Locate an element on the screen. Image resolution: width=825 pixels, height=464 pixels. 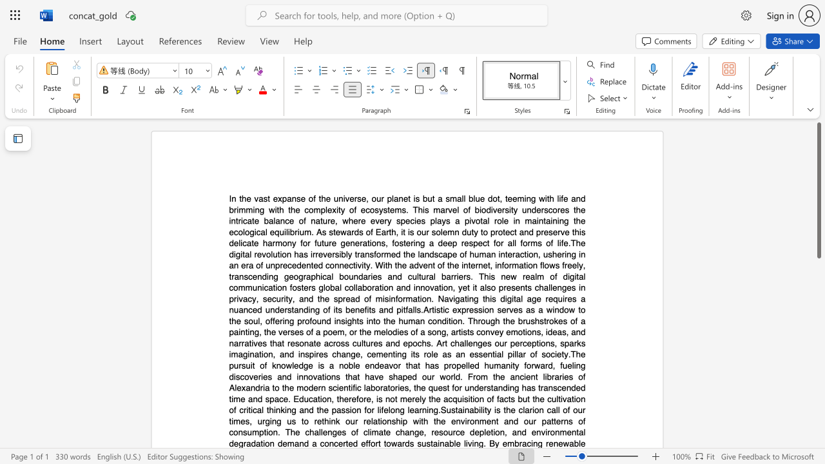
the scrollbar to move the view down is located at coordinates (818, 361).